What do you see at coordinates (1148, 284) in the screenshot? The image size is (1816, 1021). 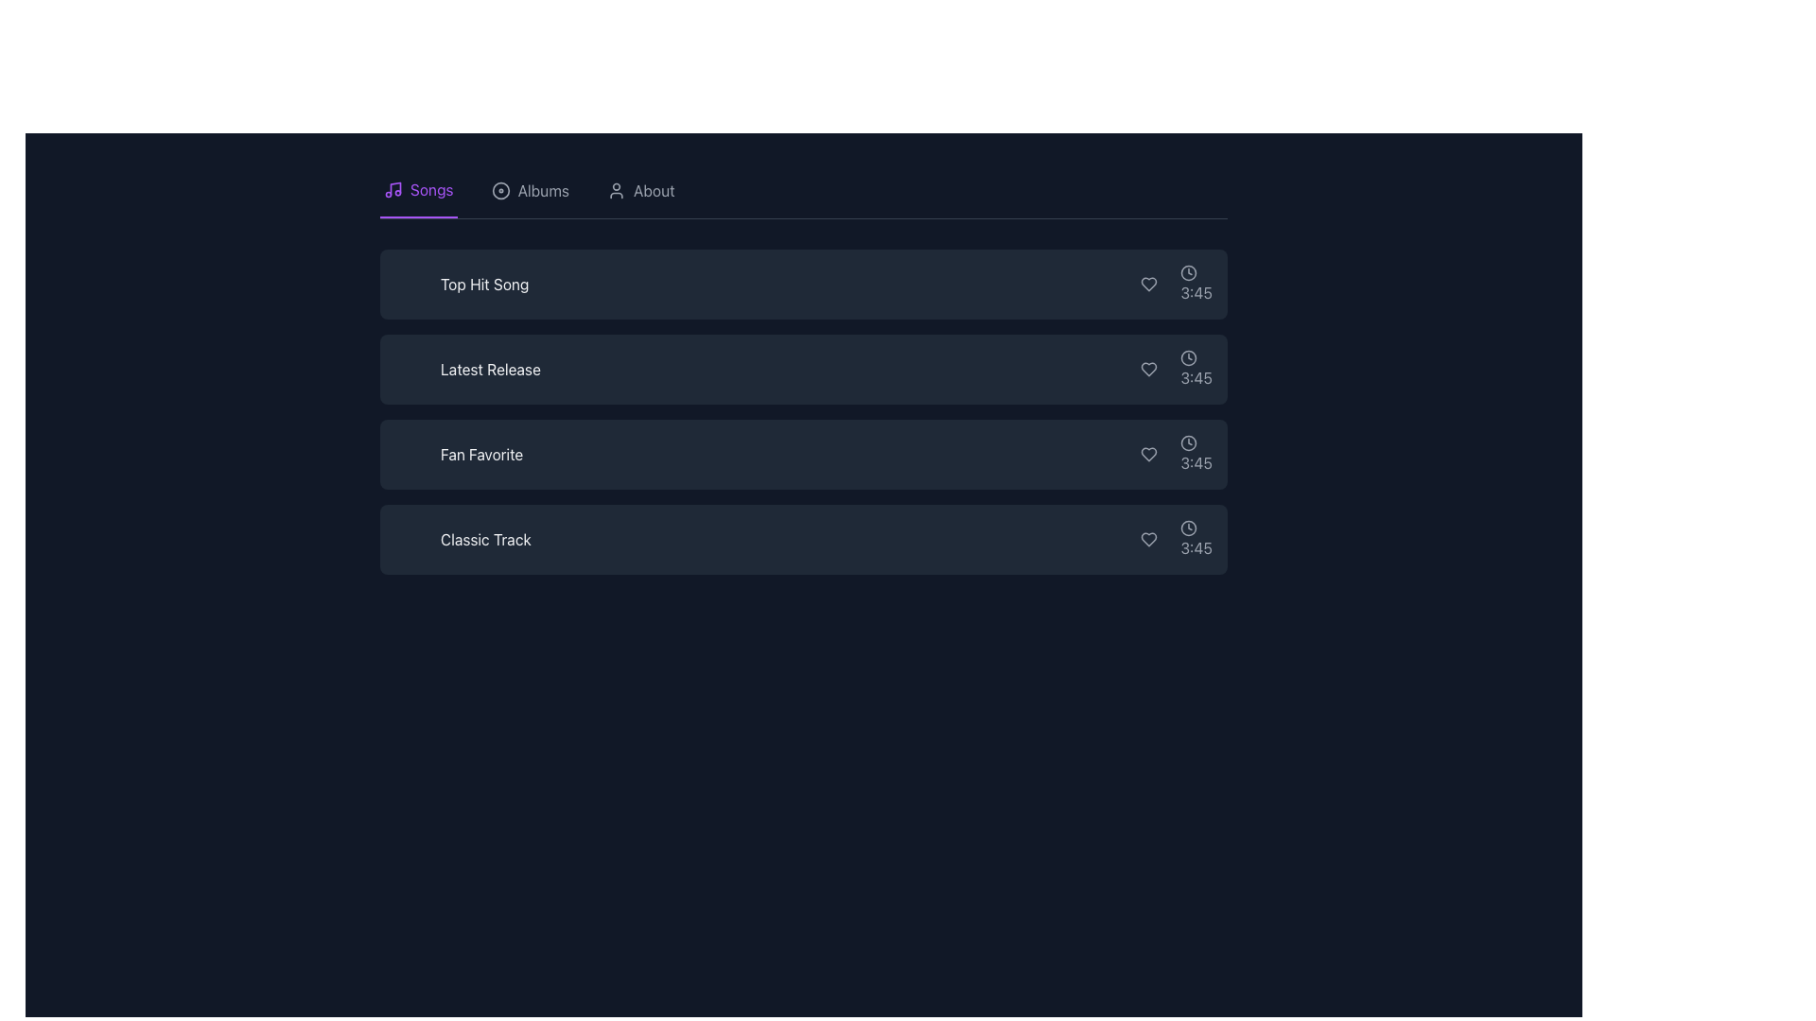 I see `the heart icon, which is light gray and represents liking or favoriting, located to the left of the '3:45' text and to the right of the center of the 'Top Hit Song' list item` at bounding box center [1148, 284].